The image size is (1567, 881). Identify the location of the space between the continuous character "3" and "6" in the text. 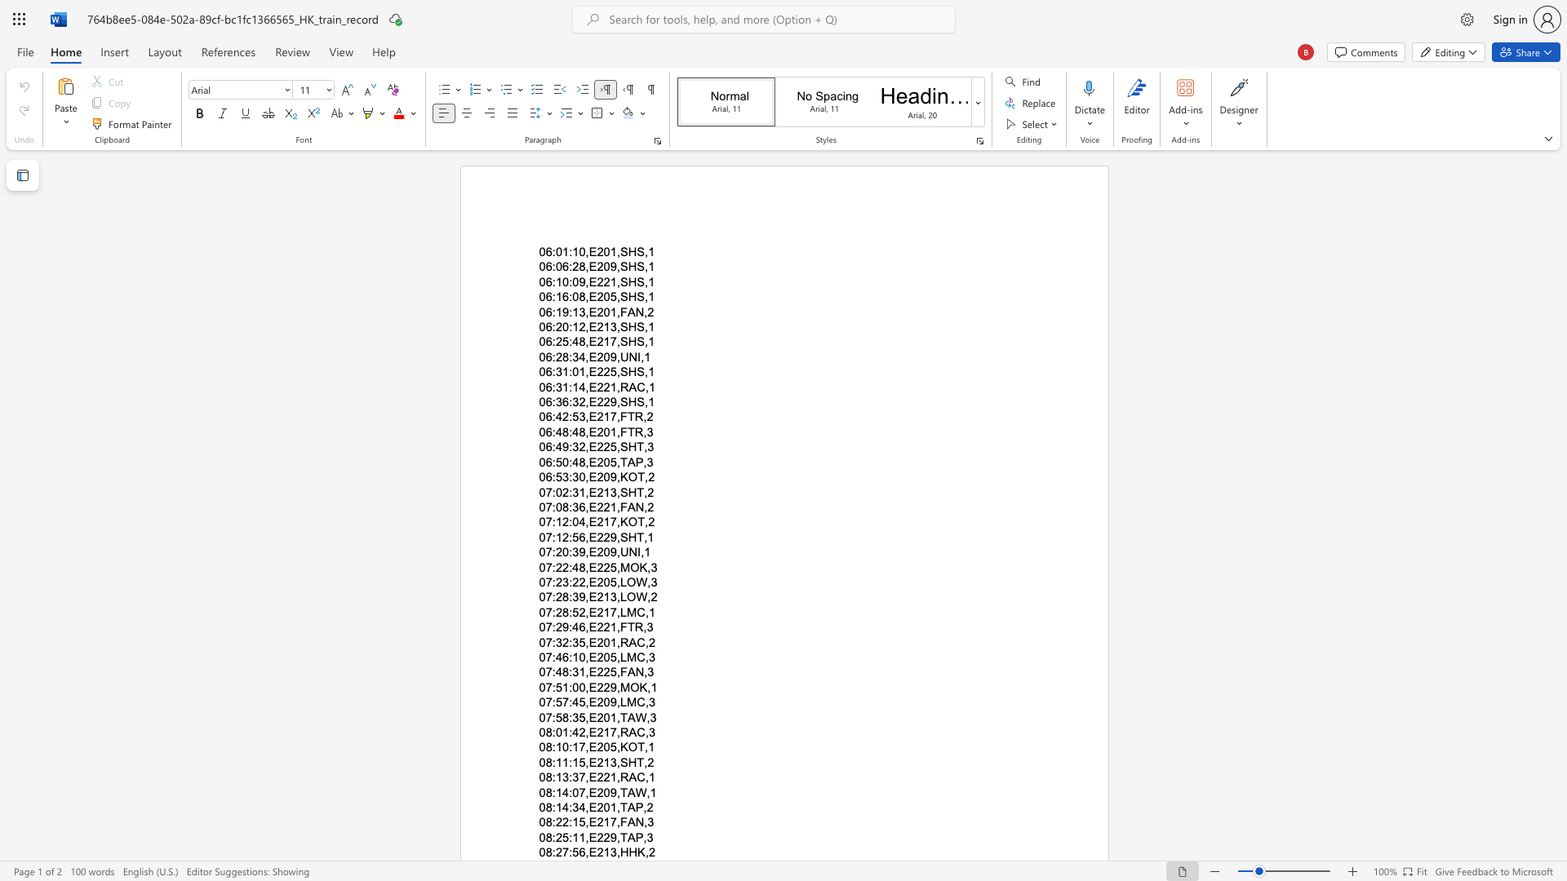
(579, 506).